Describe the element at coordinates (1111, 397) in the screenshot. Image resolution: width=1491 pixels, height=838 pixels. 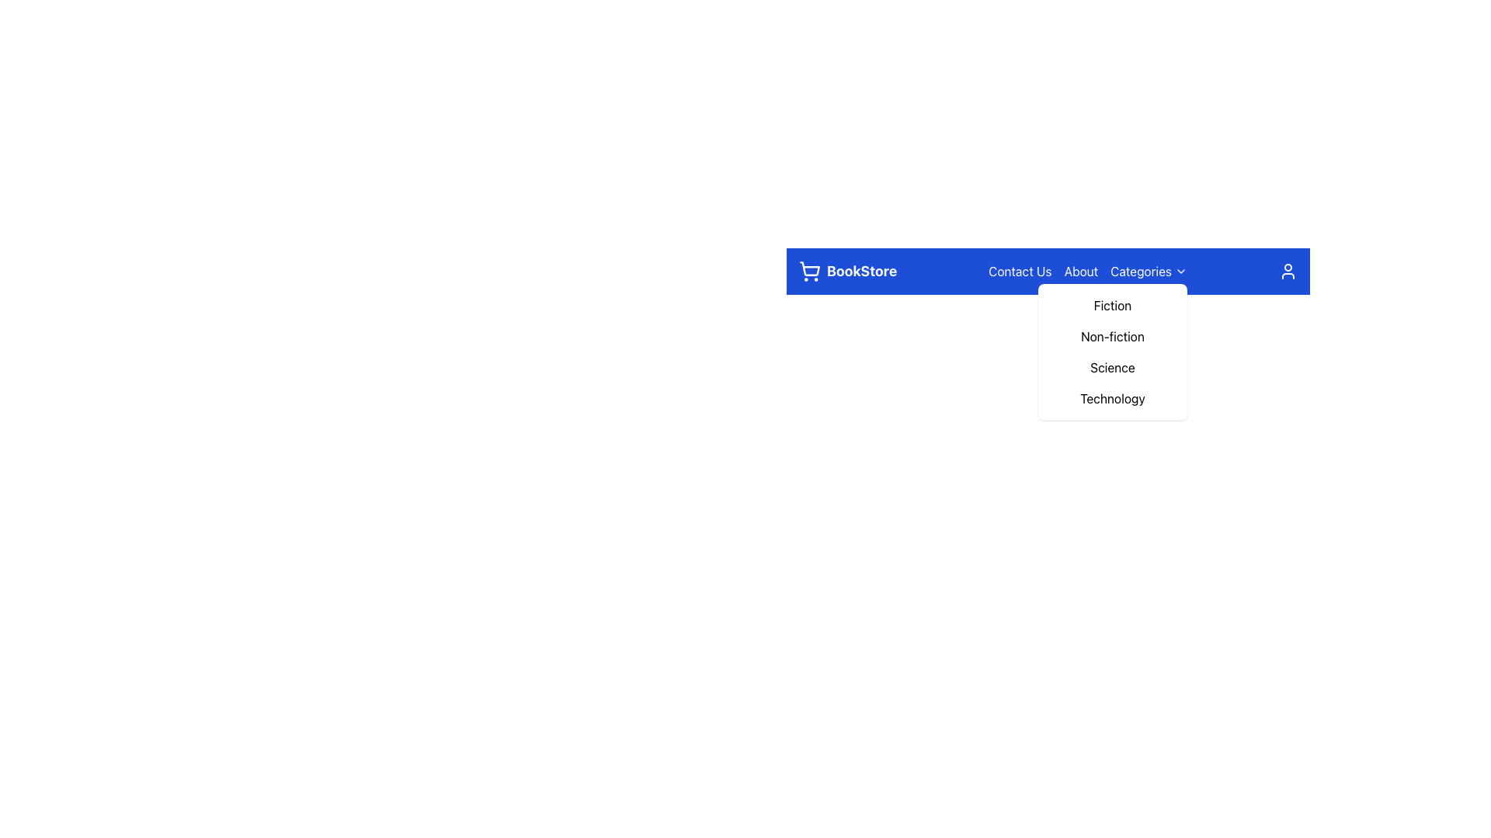
I see `the 'Technology' text label located in the dropdown menu under the 'Categories' header` at that location.